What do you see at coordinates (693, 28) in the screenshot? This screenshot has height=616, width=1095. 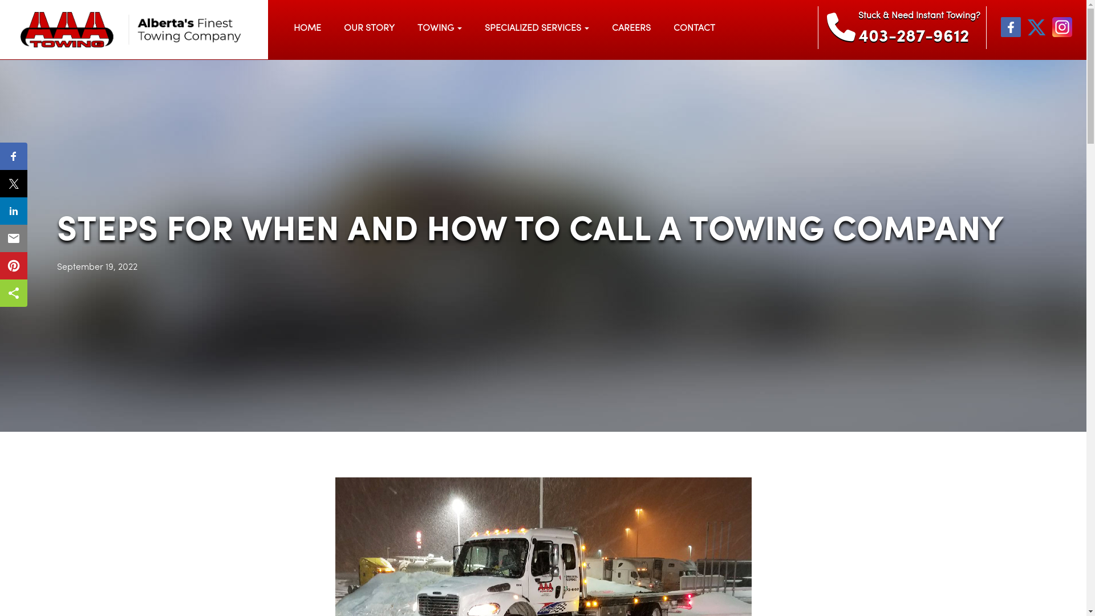 I see `'CONTACT'` at bounding box center [693, 28].